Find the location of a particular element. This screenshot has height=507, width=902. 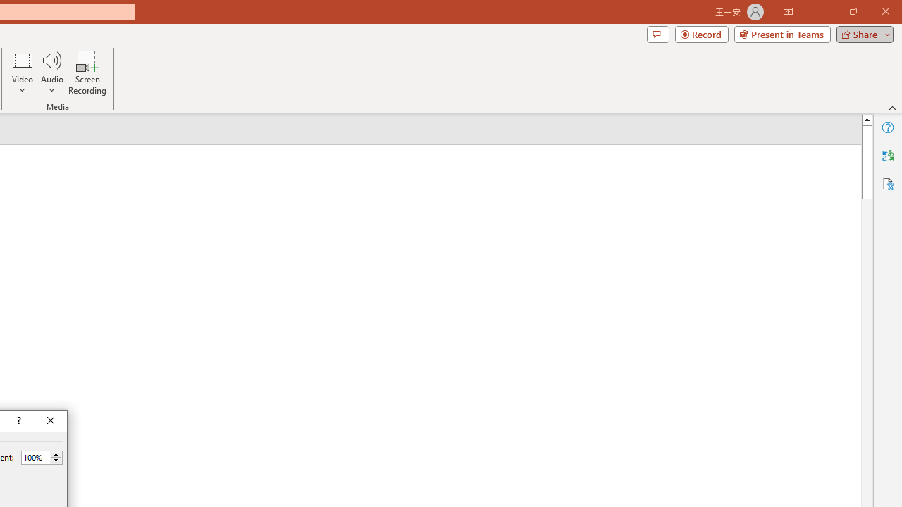

'Percent' is located at coordinates (35, 457).